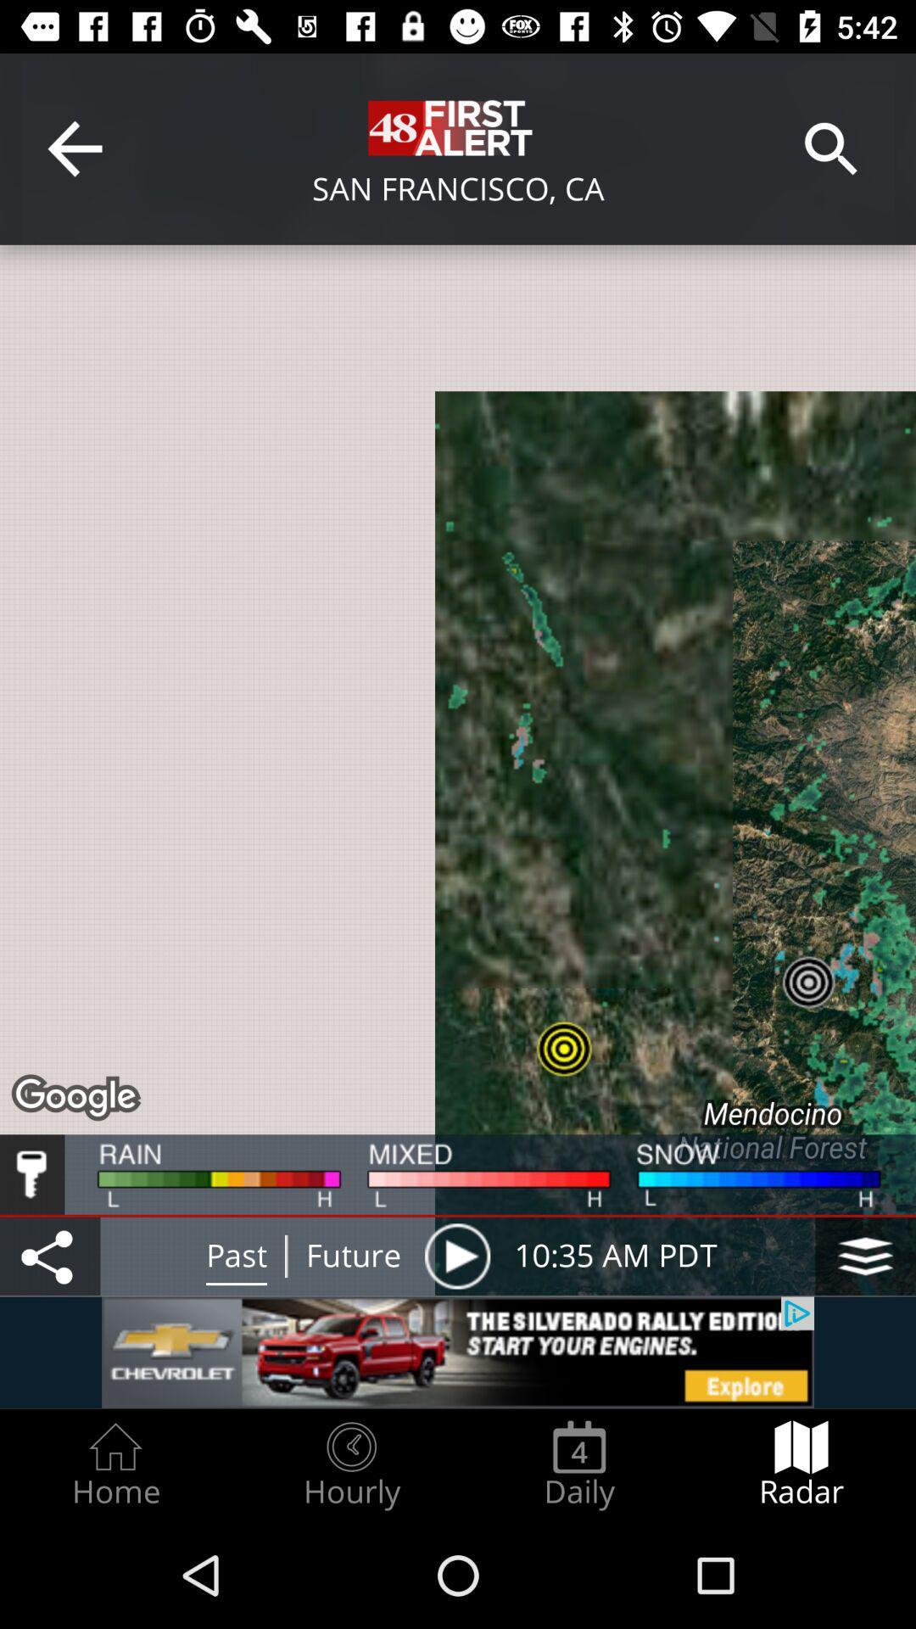 The image size is (916, 1629). I want to click on icon next to the future item, so click(456, 1256).